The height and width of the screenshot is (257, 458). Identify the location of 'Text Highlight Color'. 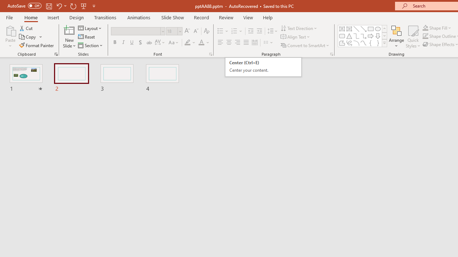
(190, 42).